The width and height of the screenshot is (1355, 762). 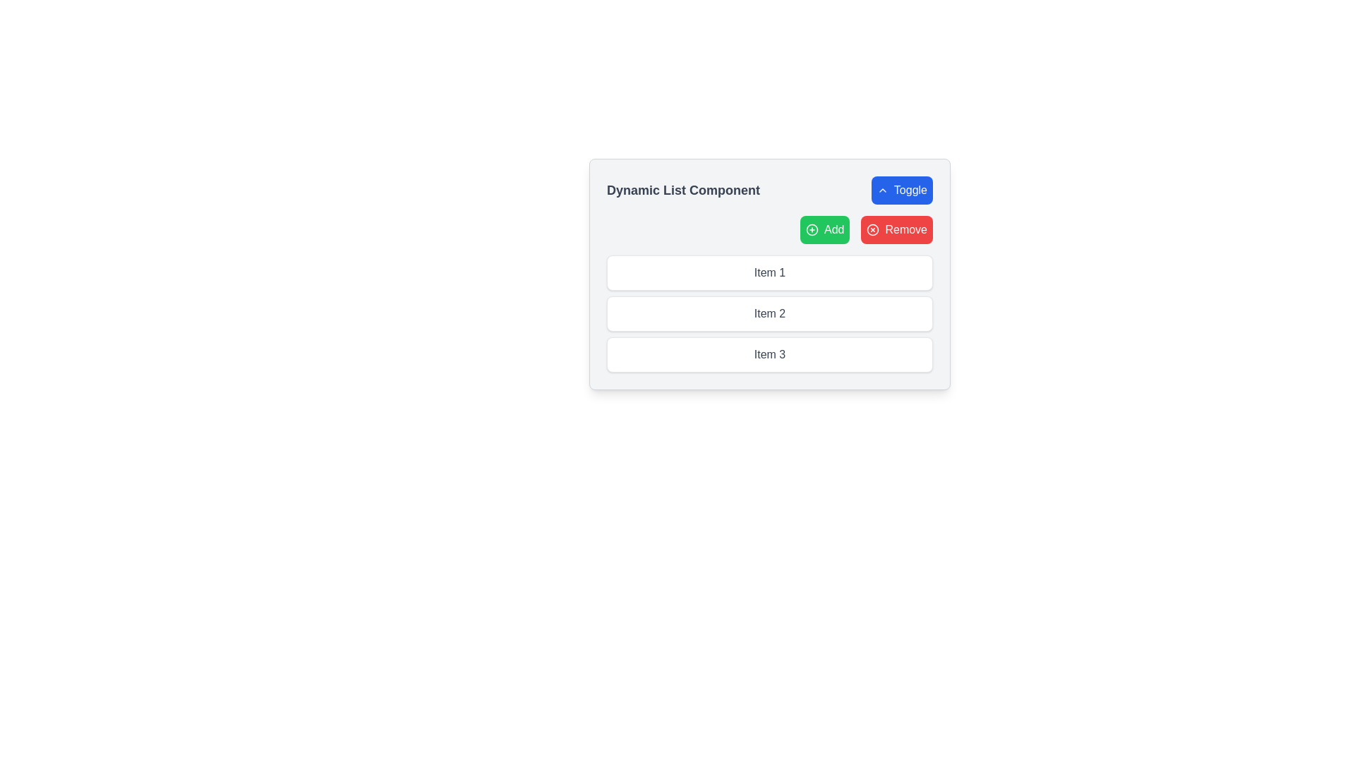 What do you see at coordinates (872, 229) in the screenshot?
I see `the circular graphical element in the upper-right corner of the SVG icon that indicates cancellation or error functionality` at bounding box center [872, 229].